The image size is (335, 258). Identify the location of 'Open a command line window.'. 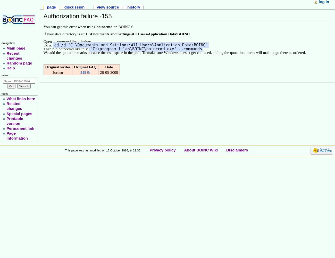
(67, 42).